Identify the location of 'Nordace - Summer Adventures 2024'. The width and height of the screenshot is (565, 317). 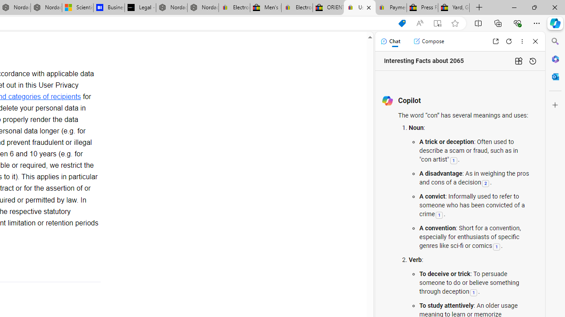
(172, 7).